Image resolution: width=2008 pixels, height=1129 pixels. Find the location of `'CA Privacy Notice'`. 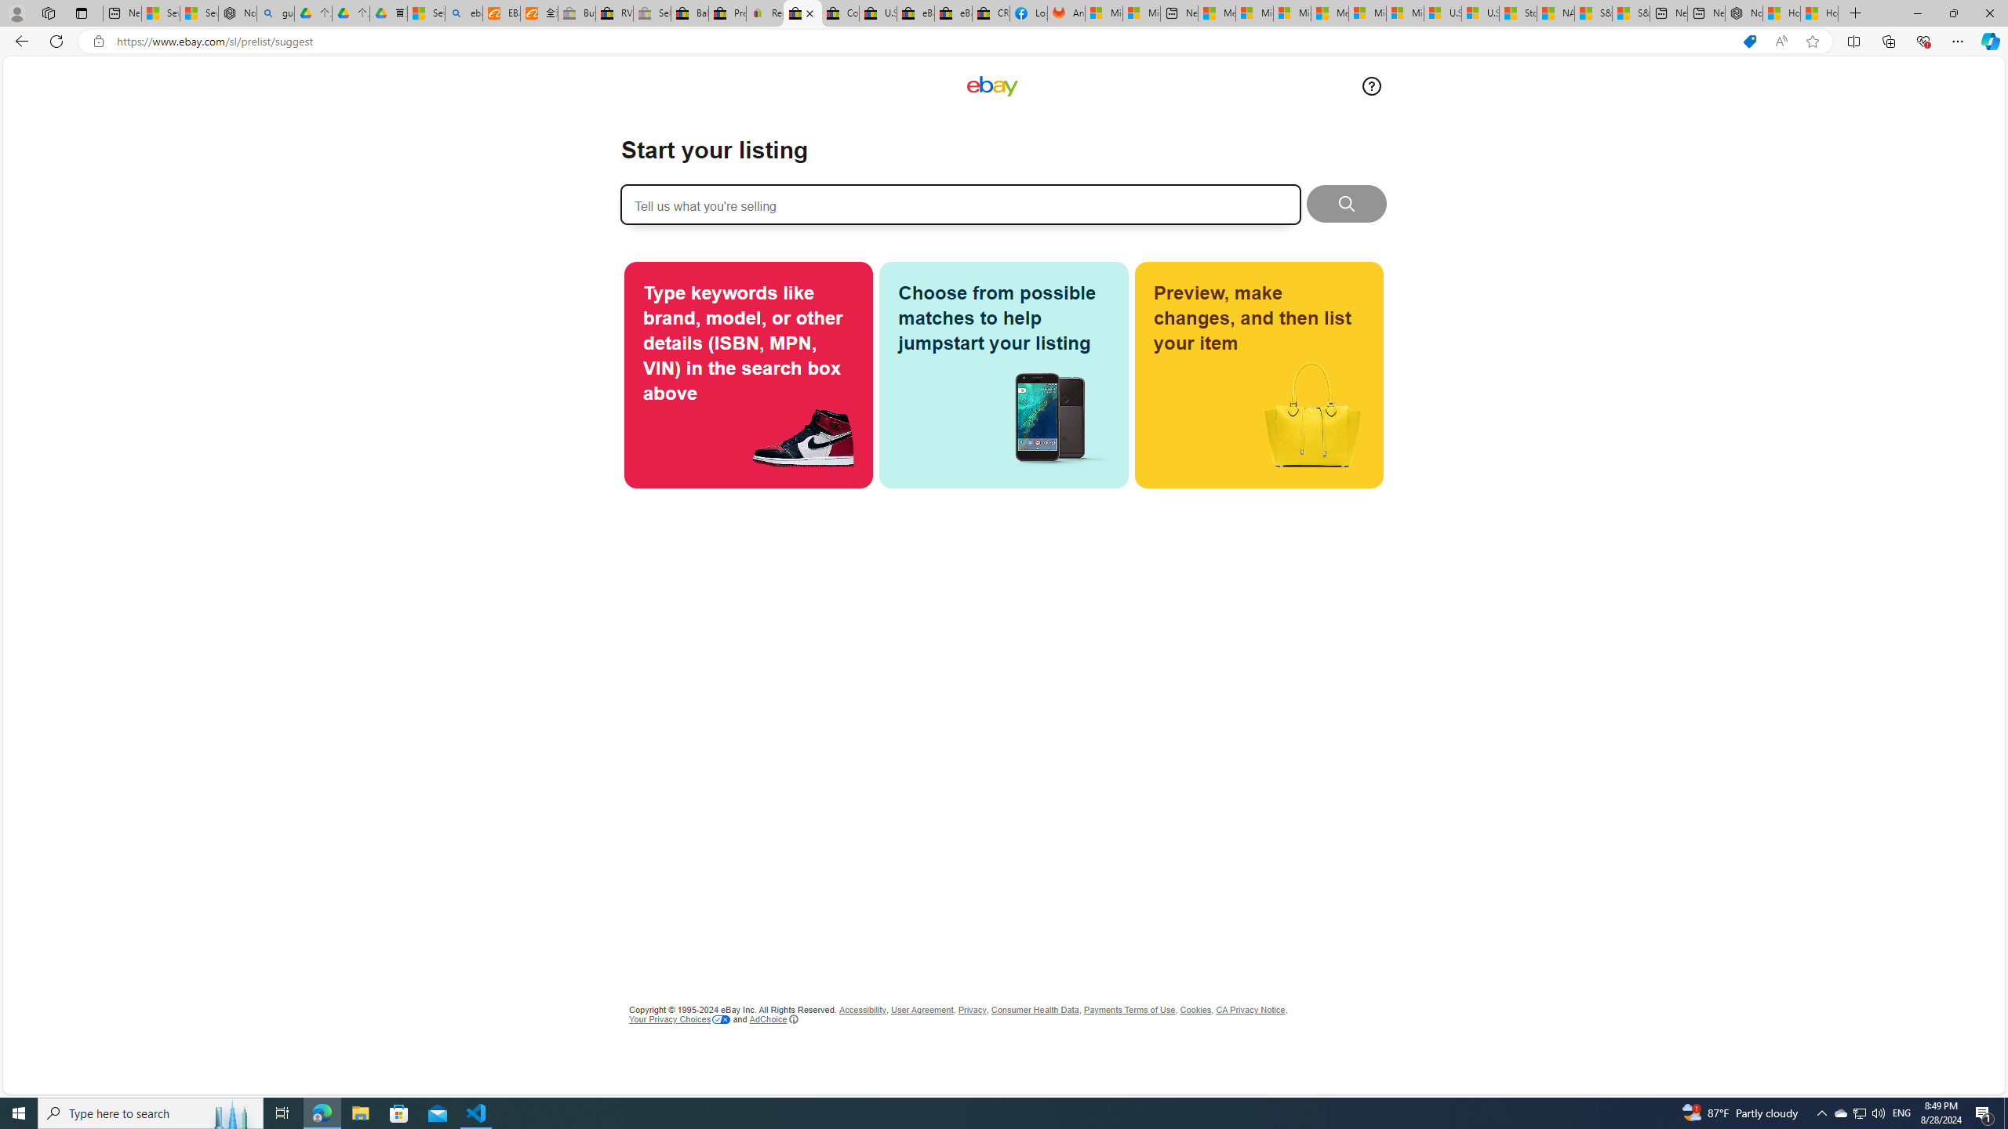

'CA Privacy Notice' is located at coordinates (1250, 1009).